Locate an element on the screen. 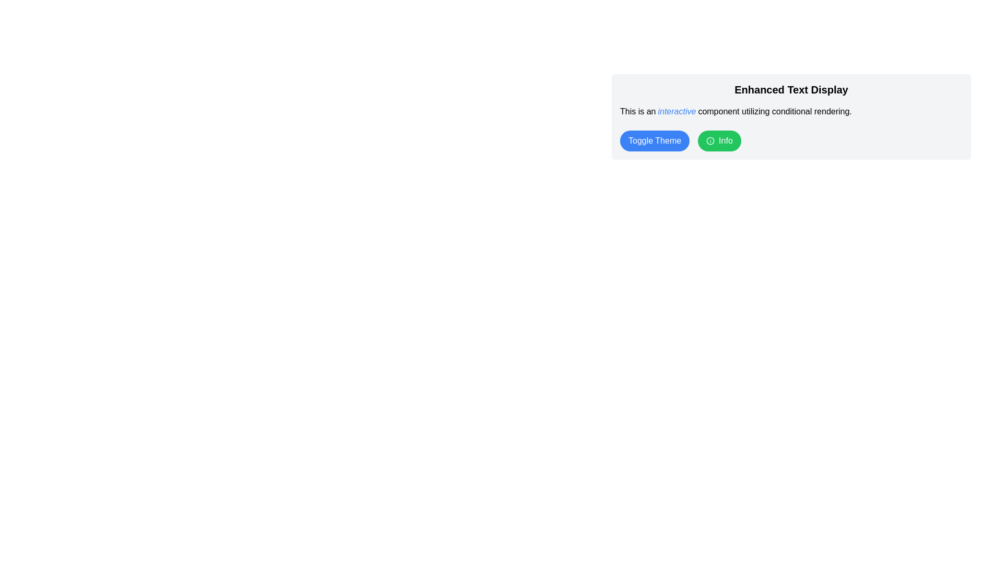 Image resolution: width=1003 pixels, height=564 pixels. the text block that contains the sentence 'This is an interactive component utilizing conditional rendering.' which has 'interactive' styled in blue italics is located at coordinates (791, 111).